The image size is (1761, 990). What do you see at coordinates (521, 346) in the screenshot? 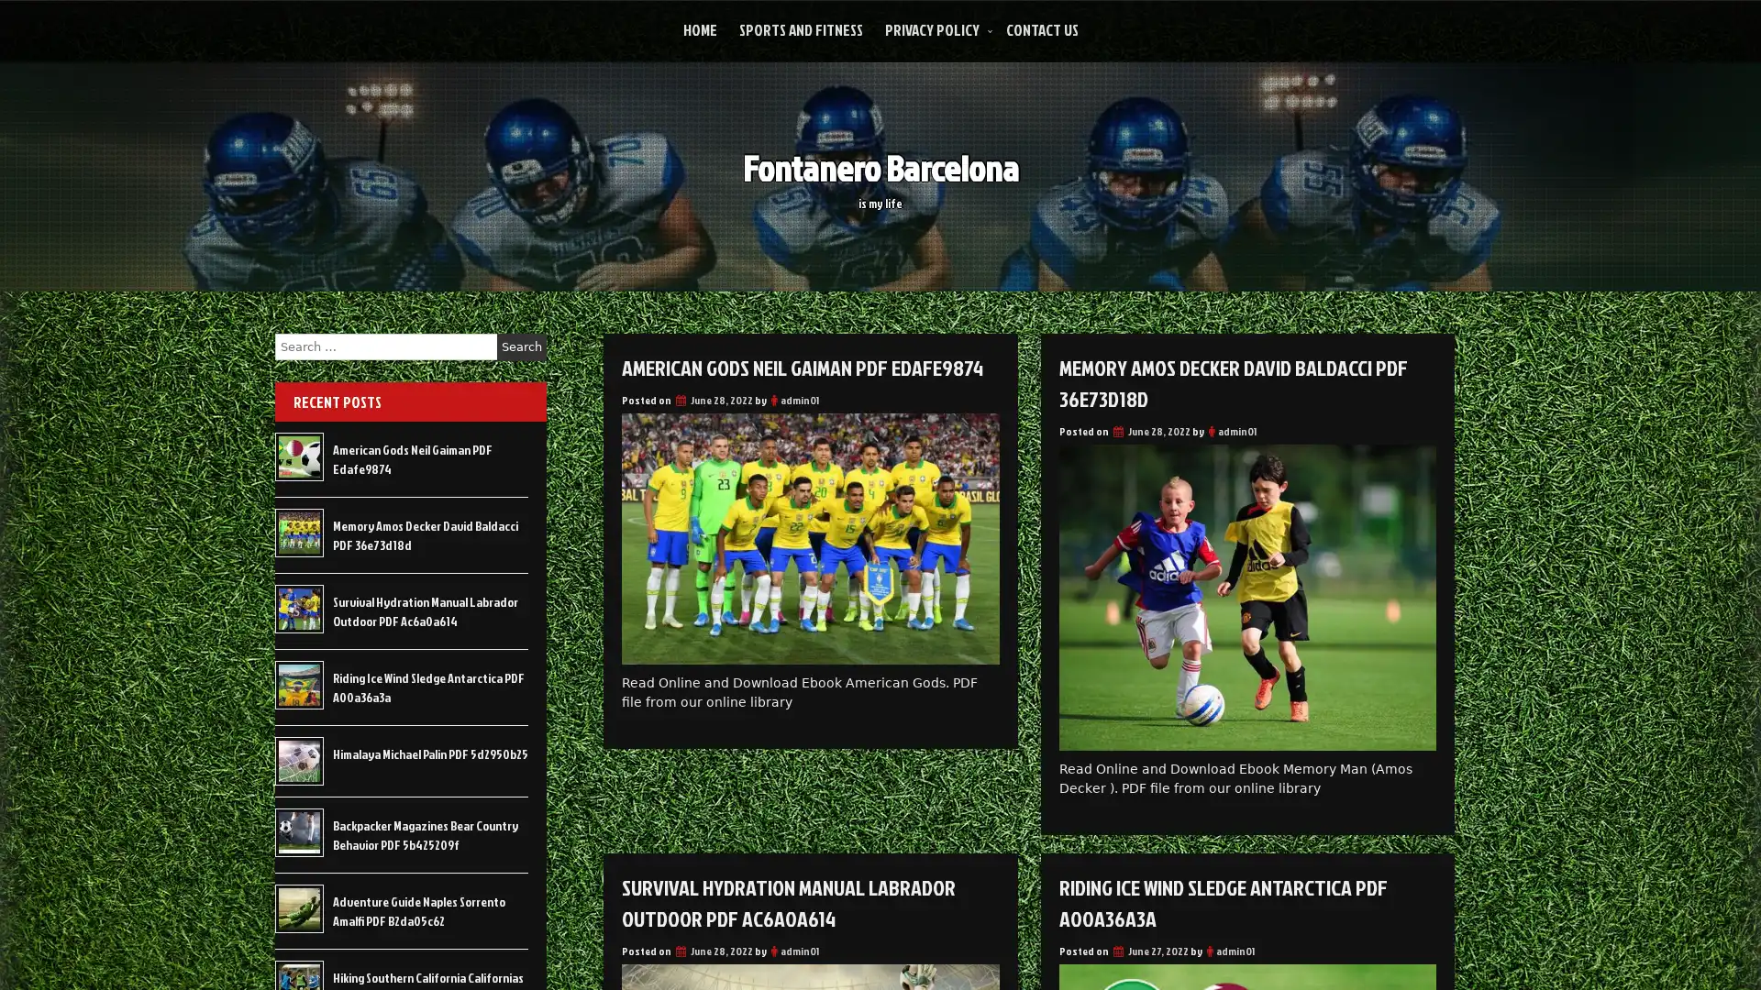
I see `Search` at bounding box center [521, 346].